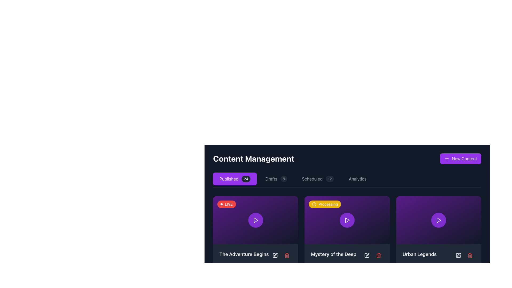  Describe the element at coordinates (287, 255) in the screenshot. I see `the delete icon button located in the card for 'The Adventure Begins' in the 'Published' tab` at that location.